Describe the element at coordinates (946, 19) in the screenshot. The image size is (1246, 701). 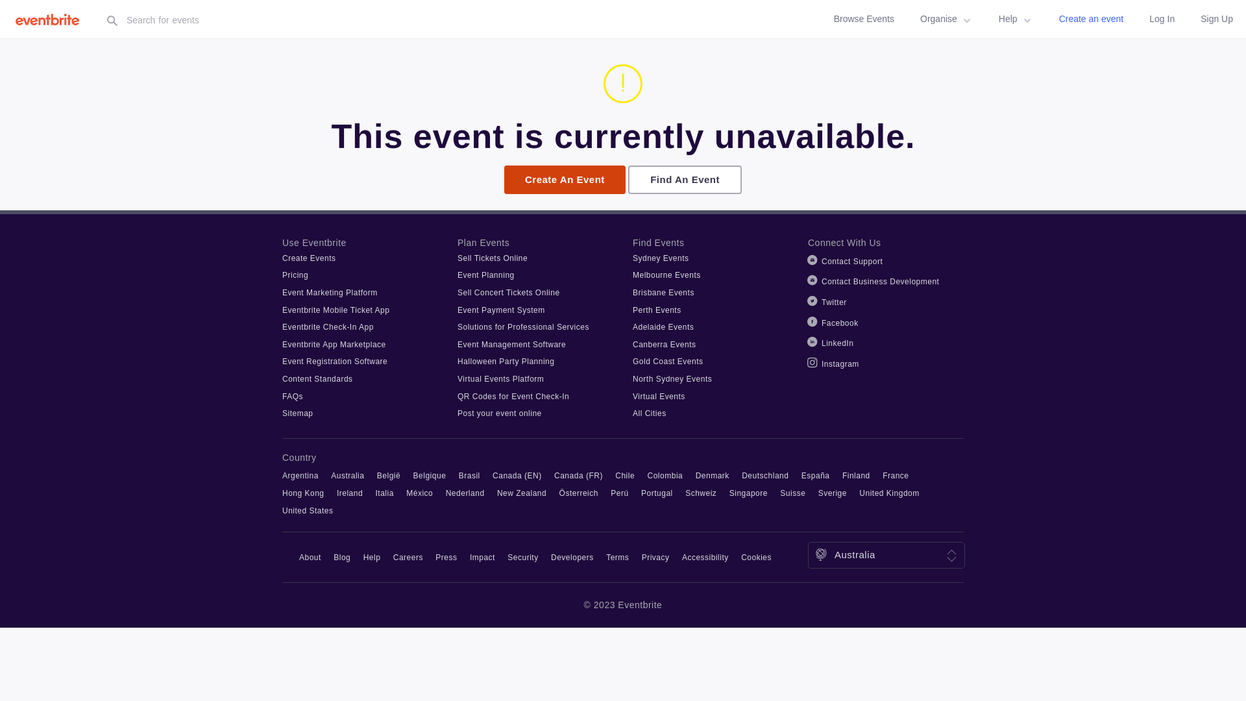
I see `'Organise'` at that location.